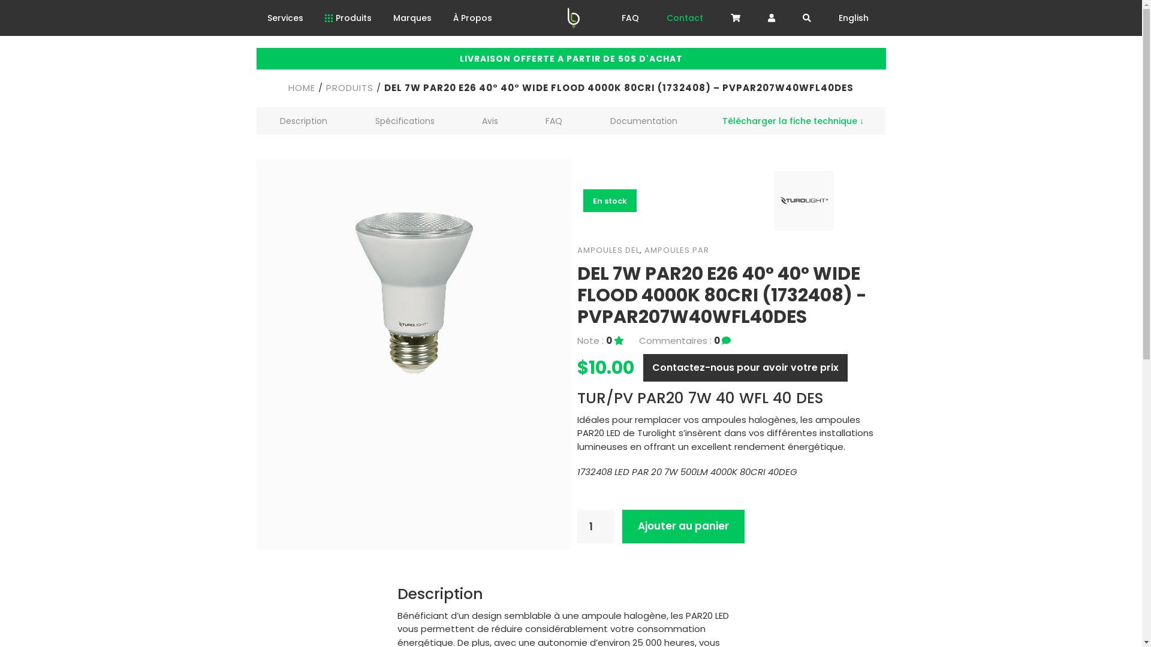 Image resolution: width=1151 pixels, height=647 pixels. What do you see at coordinates (685, 18) in the screenshot?
I see `'Contact'` at bounding box center [685, 18].